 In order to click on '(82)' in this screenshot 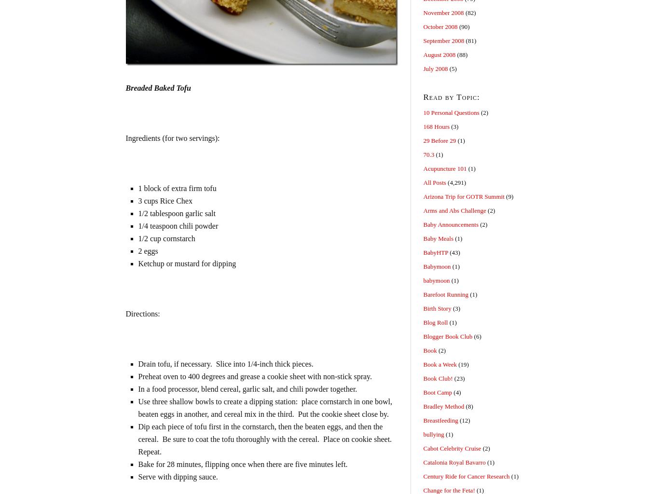, I will do `click(469, 13)`.